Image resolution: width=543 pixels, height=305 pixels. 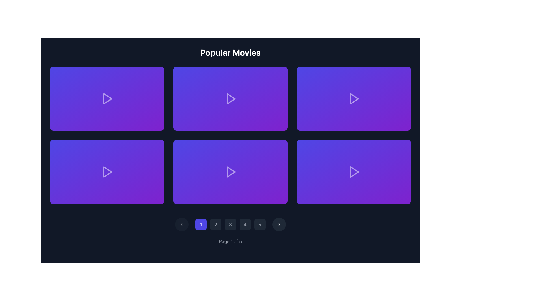 I want to click on the play button located in the bottom row, center column of a 2 by 3 grid layout, which serves to play multimedia content, so click(x=230, y=171).